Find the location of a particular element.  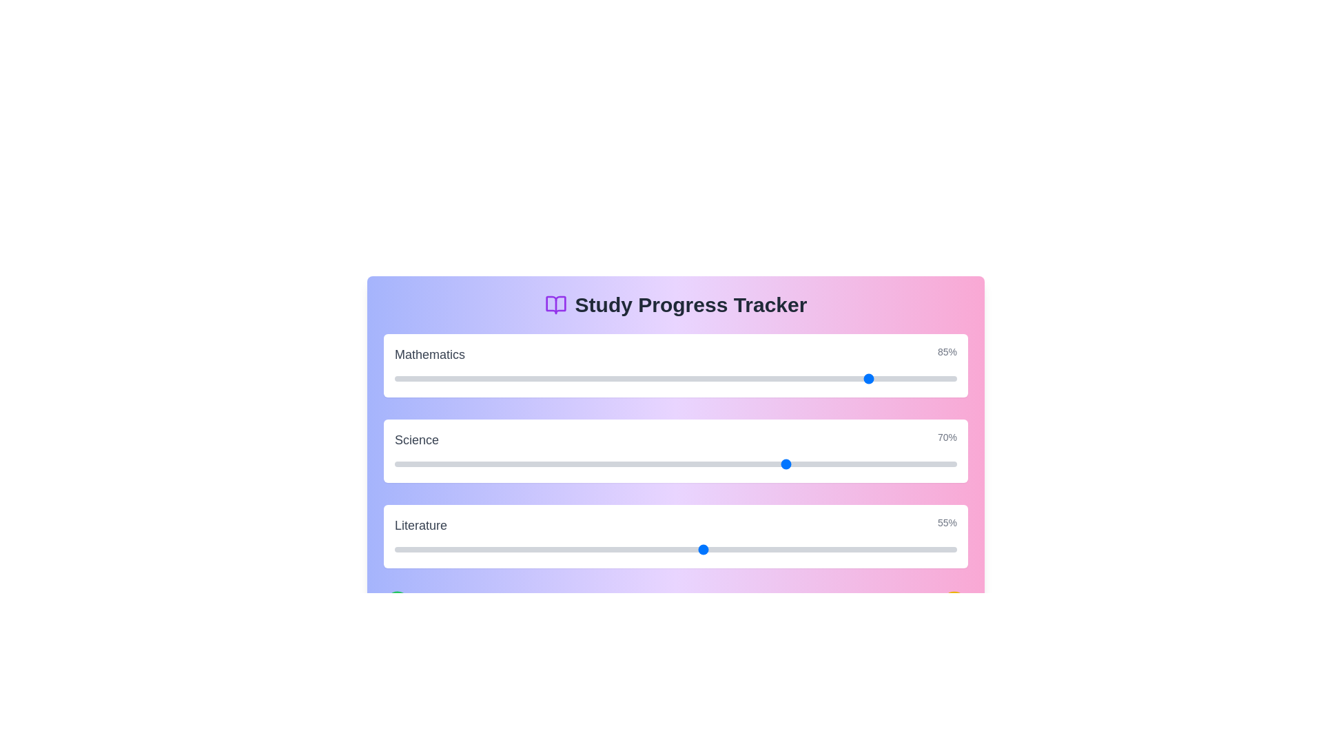

the Literature progress slider to 3% is located at coordinates (411, 549).